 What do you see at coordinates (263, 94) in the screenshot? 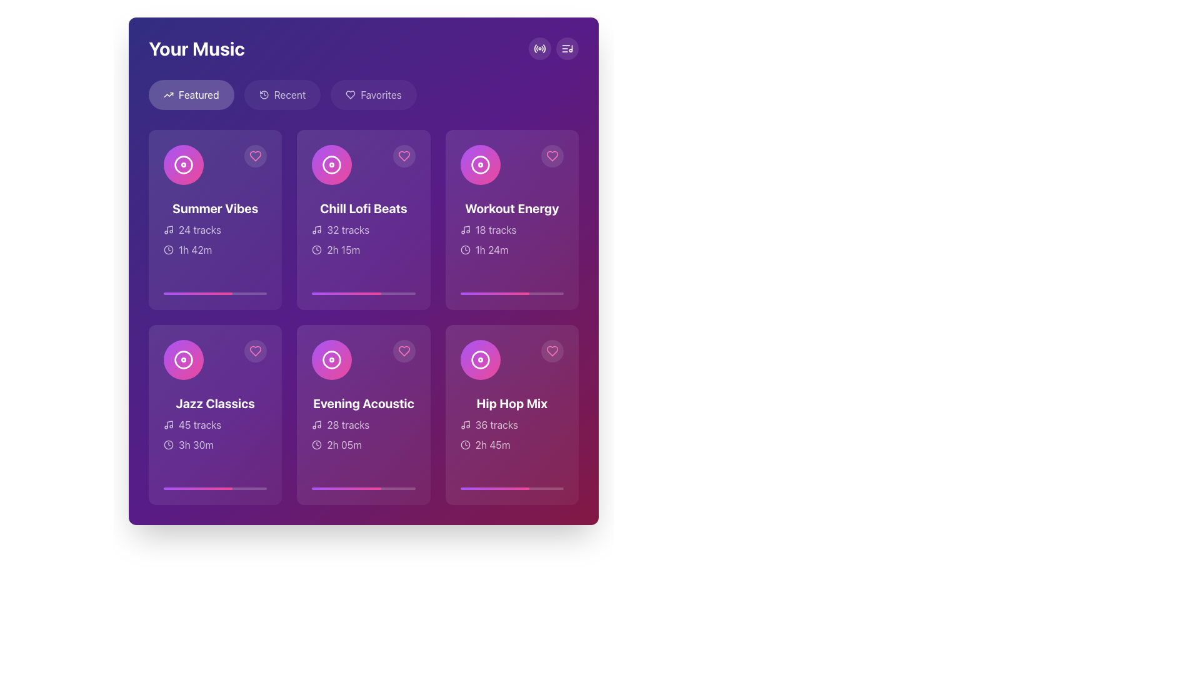
I see `the 'Recent' tab icon located at the top left of the interface` at bounding box center [263, 94].